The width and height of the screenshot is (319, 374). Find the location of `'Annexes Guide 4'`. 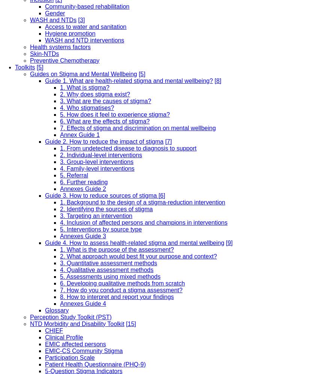

'Annexes Guide 4' is located at coordinates (83, 303).